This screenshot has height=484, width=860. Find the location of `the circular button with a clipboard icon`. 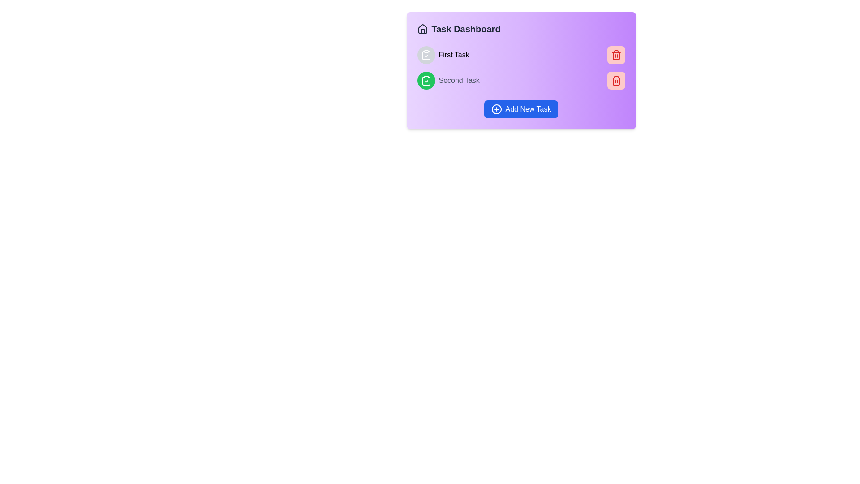

the circular button with a clipboard icon is located at coordinates (426, 55).